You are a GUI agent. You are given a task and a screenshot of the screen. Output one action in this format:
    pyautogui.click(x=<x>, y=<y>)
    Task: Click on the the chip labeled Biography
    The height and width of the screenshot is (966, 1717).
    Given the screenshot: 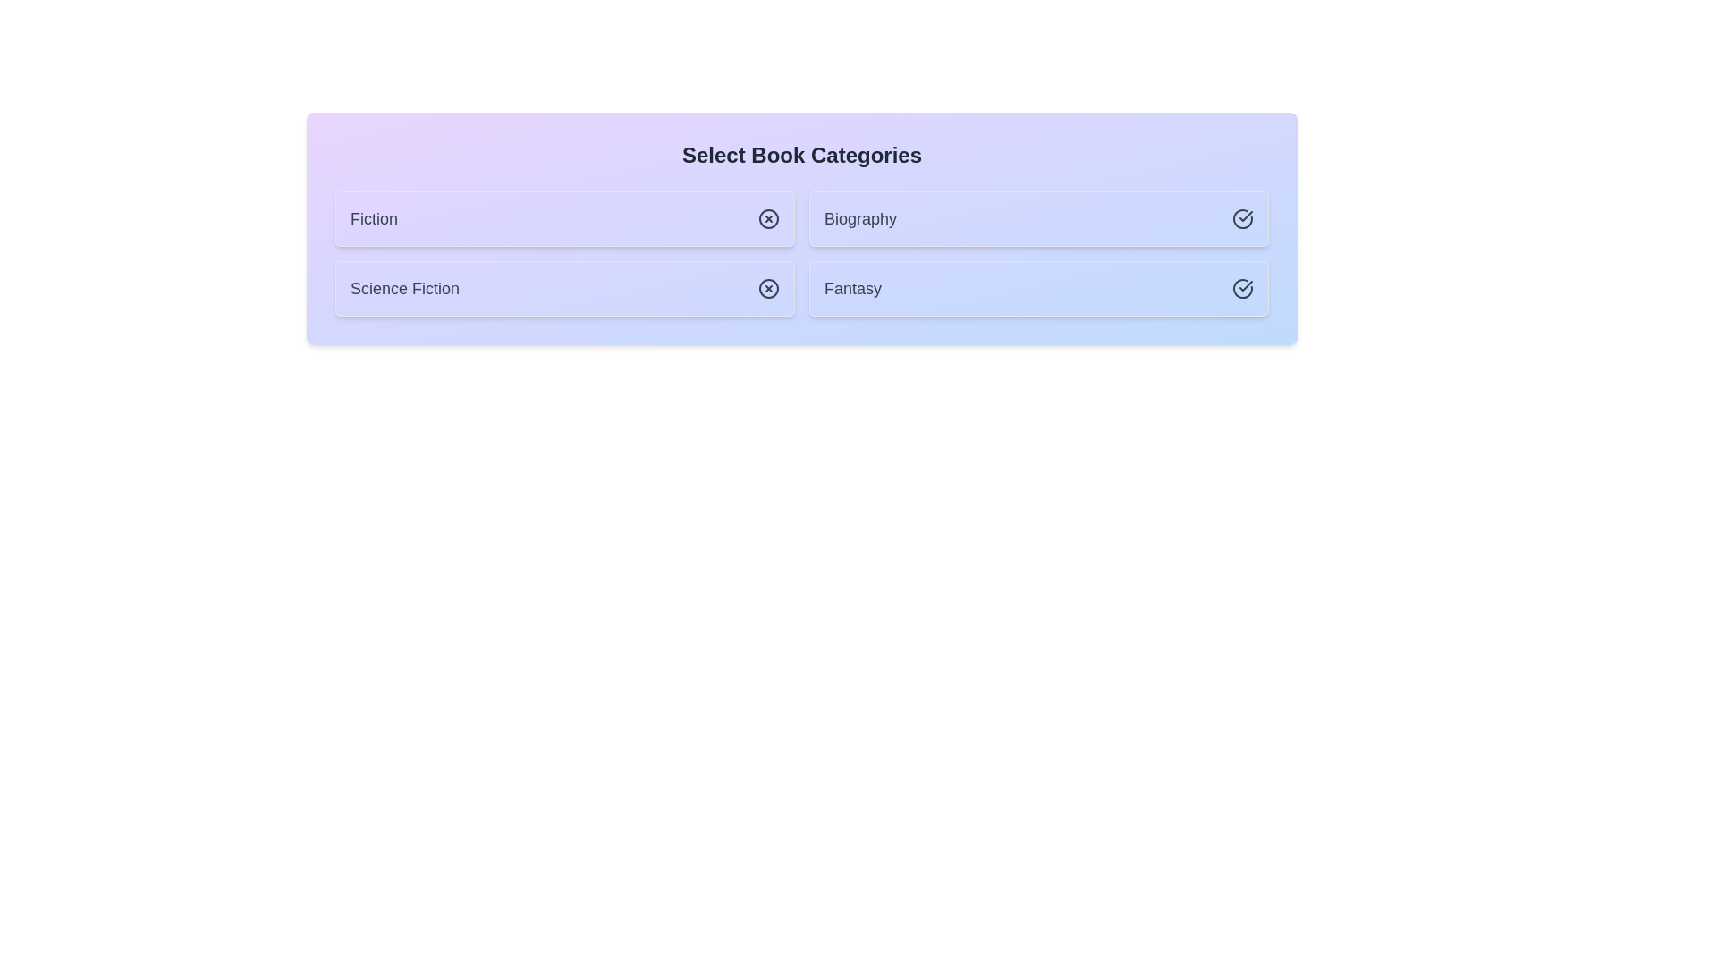 What is the action you would take?
    pyautogui.click(x=1038, y=218)
    